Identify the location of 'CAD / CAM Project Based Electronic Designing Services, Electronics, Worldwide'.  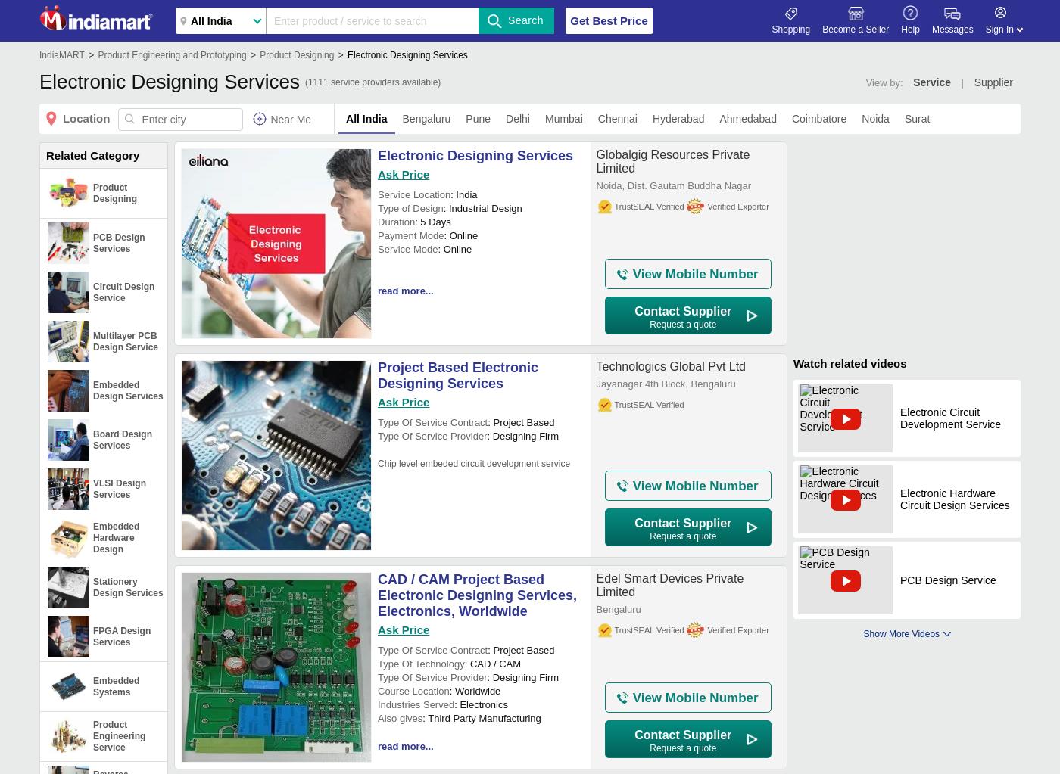
(477, 594).